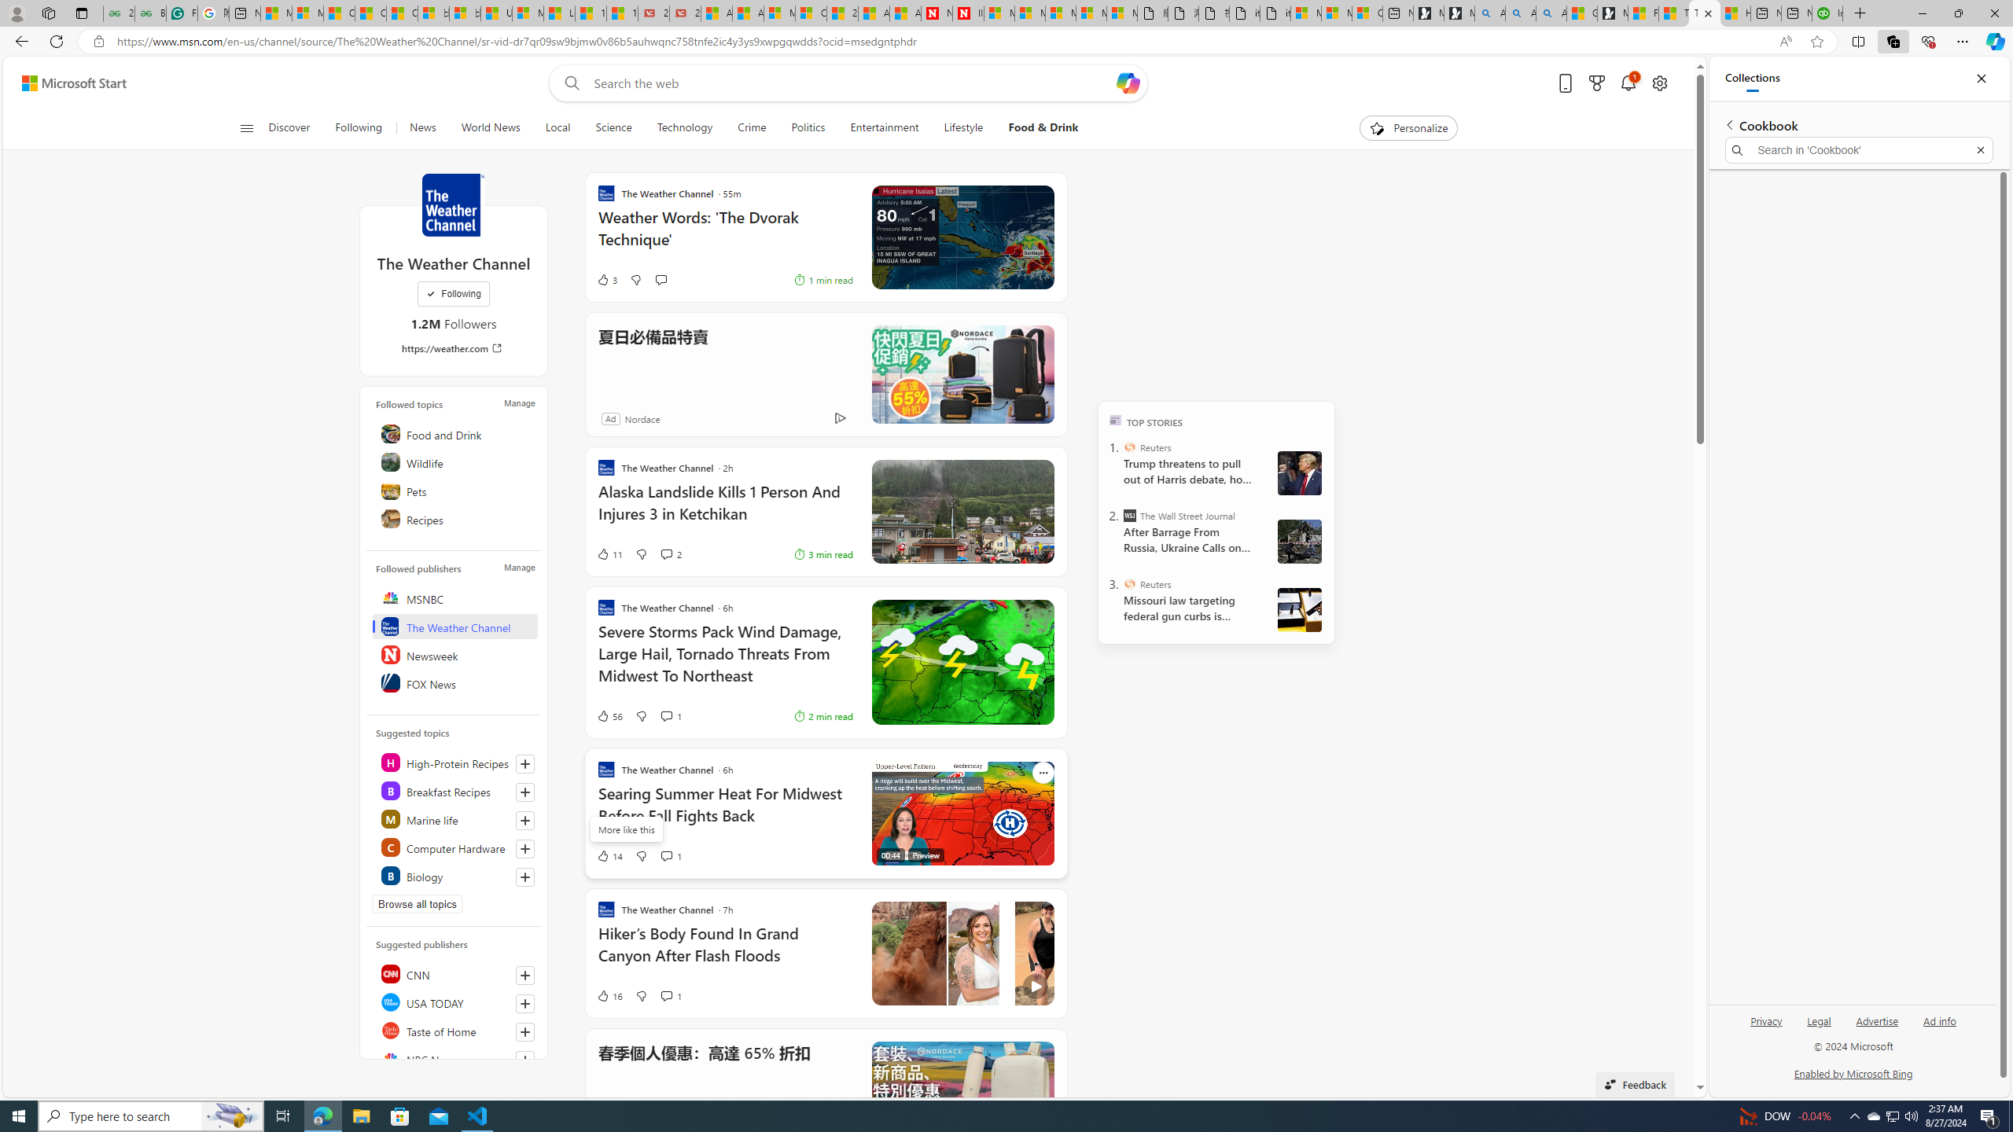 The width and height of the screenshot is (2013, 1132). I want to click on 'Food and Drink - MSN', so click(1641, 13).